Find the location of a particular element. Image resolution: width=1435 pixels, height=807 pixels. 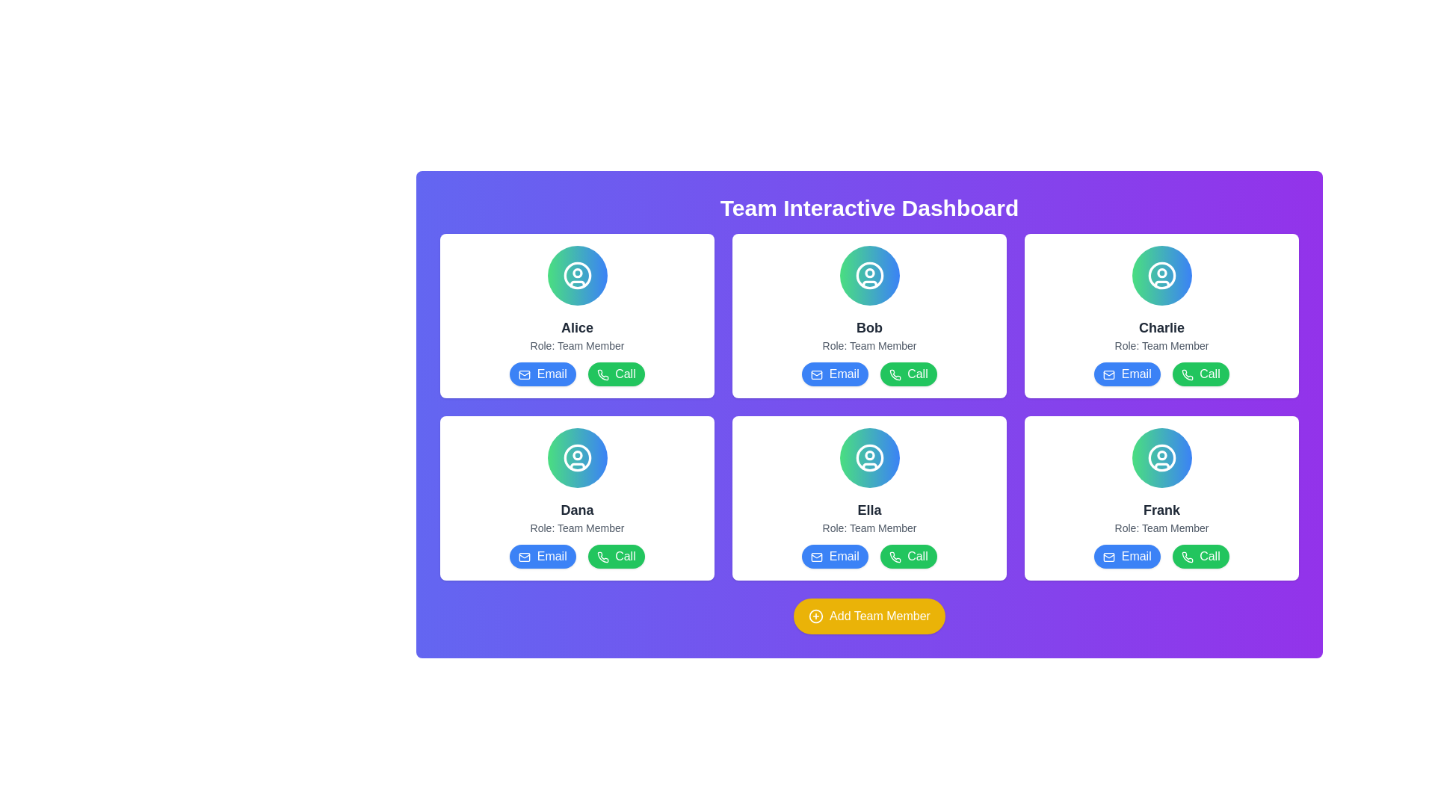

the Avatar element, which is a circular icon with a gradient background from green to blue, featuring a white outline of a user, located in the card labeled 'Ella' in the grid layout is located at coordinates (869, 457).